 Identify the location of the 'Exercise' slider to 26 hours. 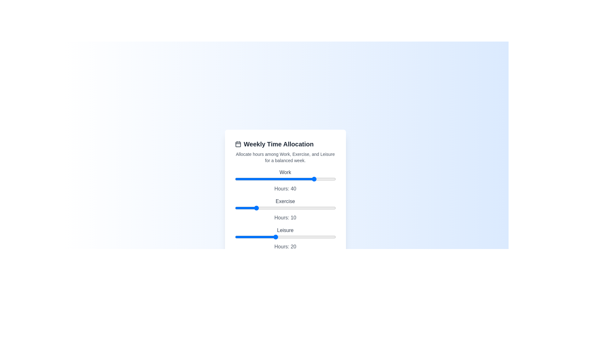
(287, 208).